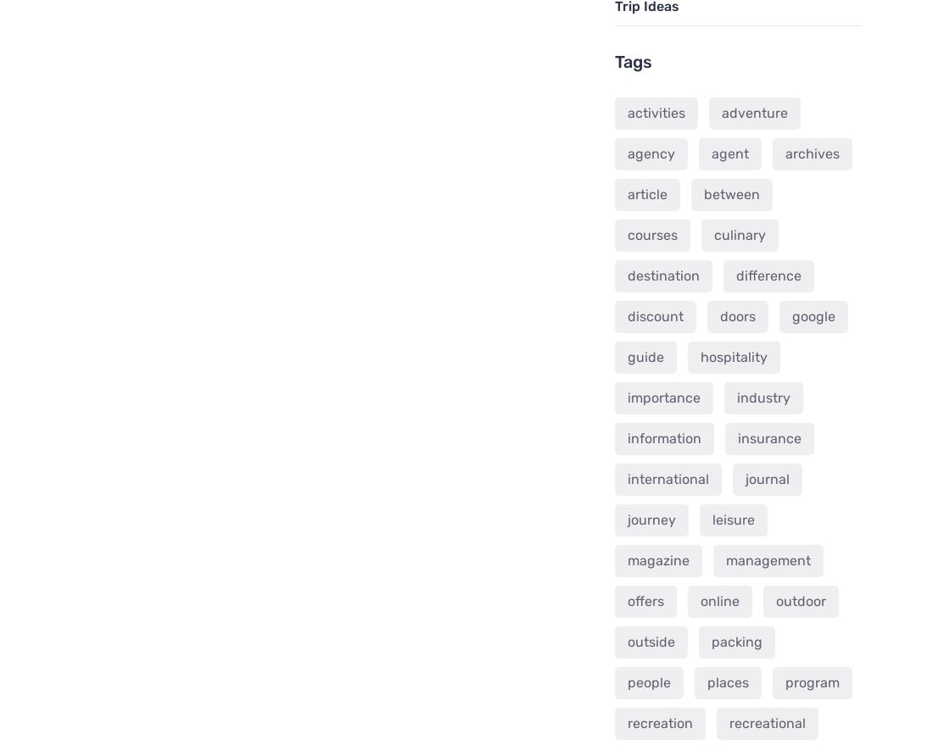 This screenshot has width=933, height=745. What do you see at coordinates (625, 355) in the screenshot?
I see `'guide'` at bounding box center [625, 355].